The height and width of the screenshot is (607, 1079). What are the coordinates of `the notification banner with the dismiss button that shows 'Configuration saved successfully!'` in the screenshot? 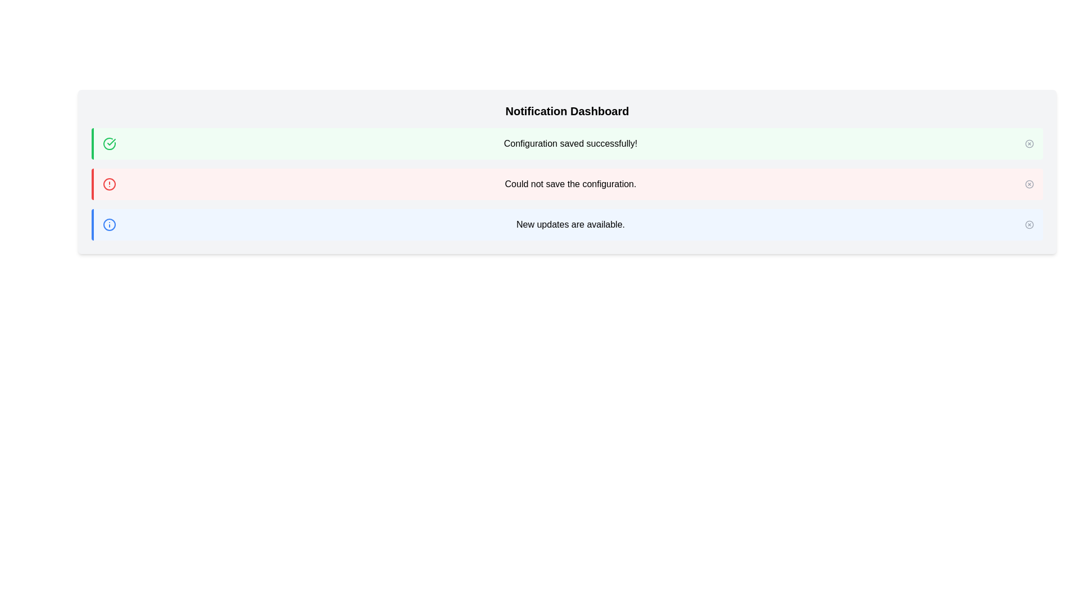 It's located at (567, 143).